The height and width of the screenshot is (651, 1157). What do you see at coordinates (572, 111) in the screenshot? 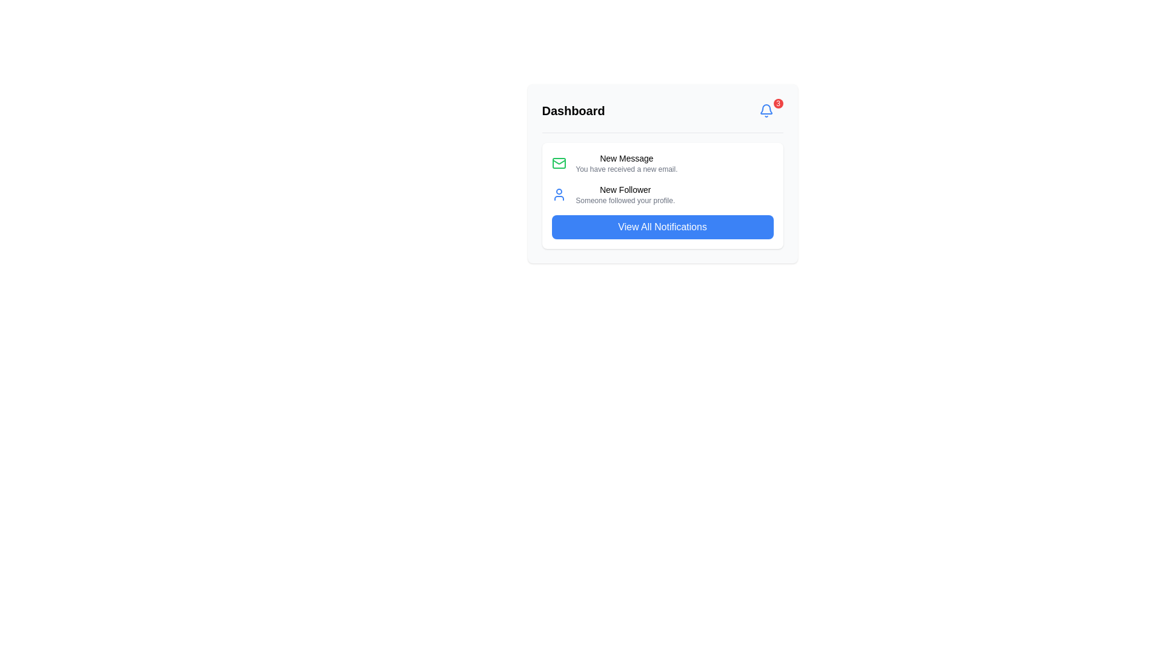
I see `the 'Dashboard' text label heading, which is styled in bold and larger font, located on the upper left side of a card-like component` at bounding box center [572, 111].